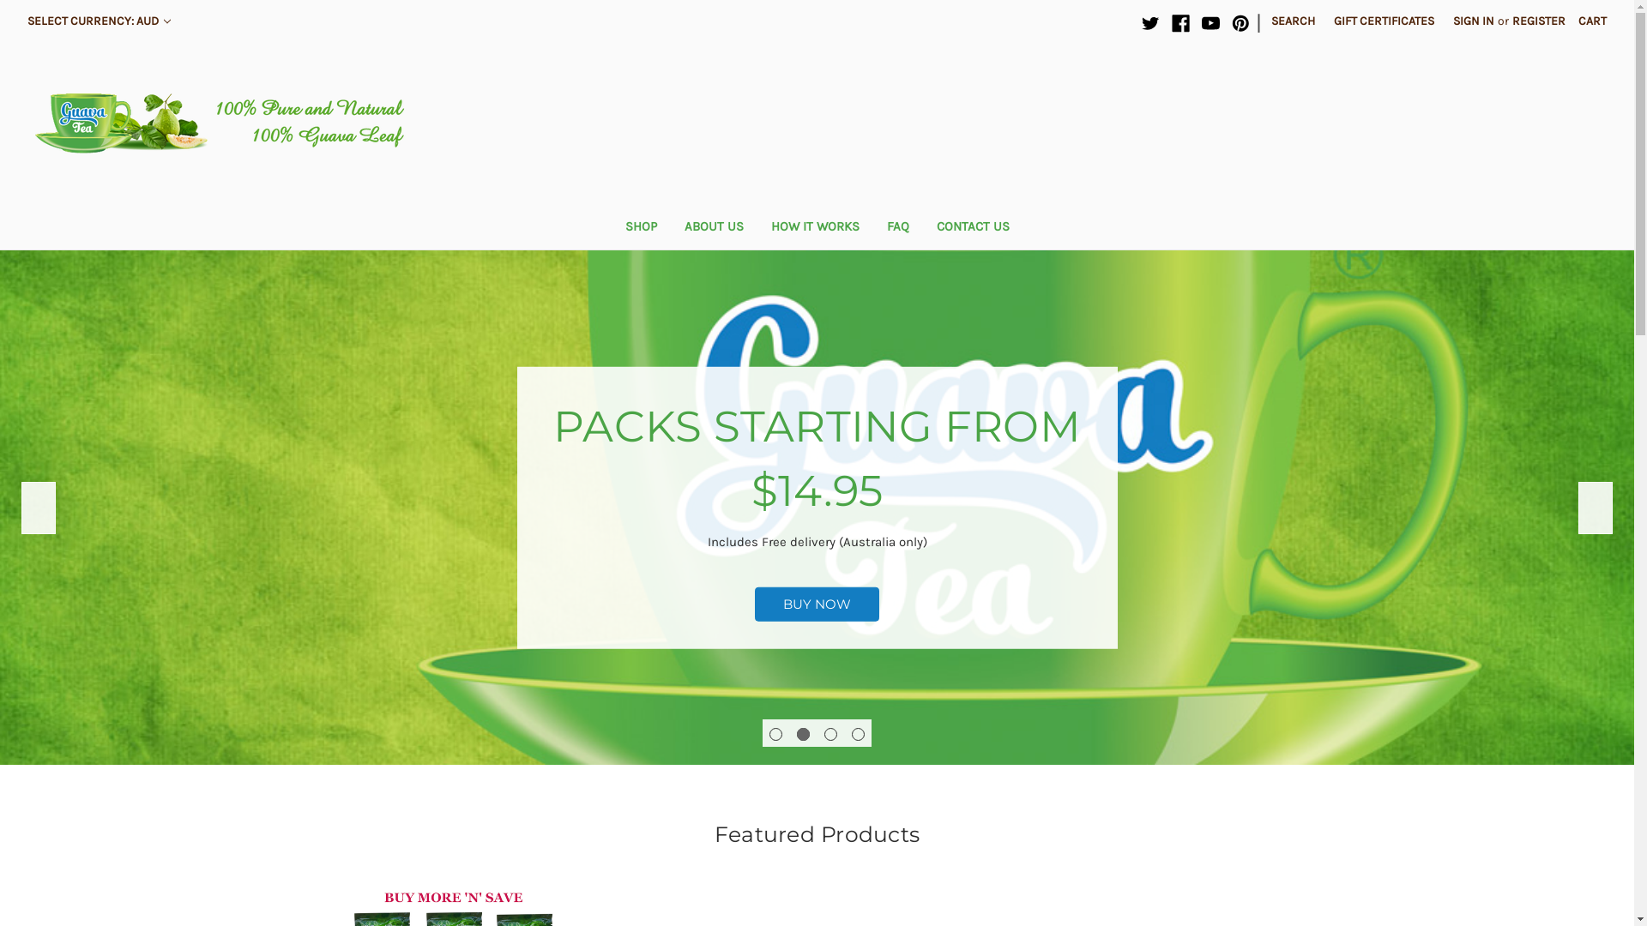 The image size is (1647, 926). I want to click on '4', so click(858, 733).